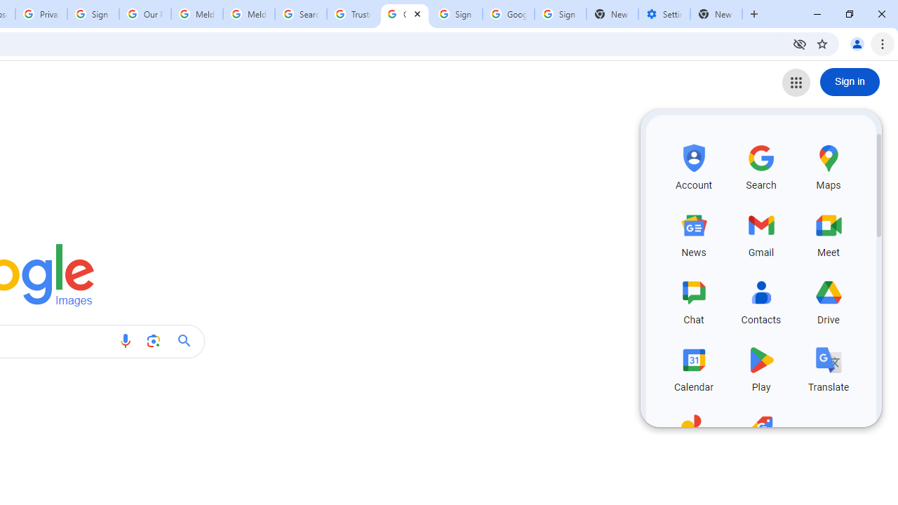 This screenshot has width=898, height=505. What do you see at coordinates (693, 299) in the screenshot?
I see `'Chat, row 3 of 5 and column 1 of 3 in the first section'` at bounding box center [693, 299].